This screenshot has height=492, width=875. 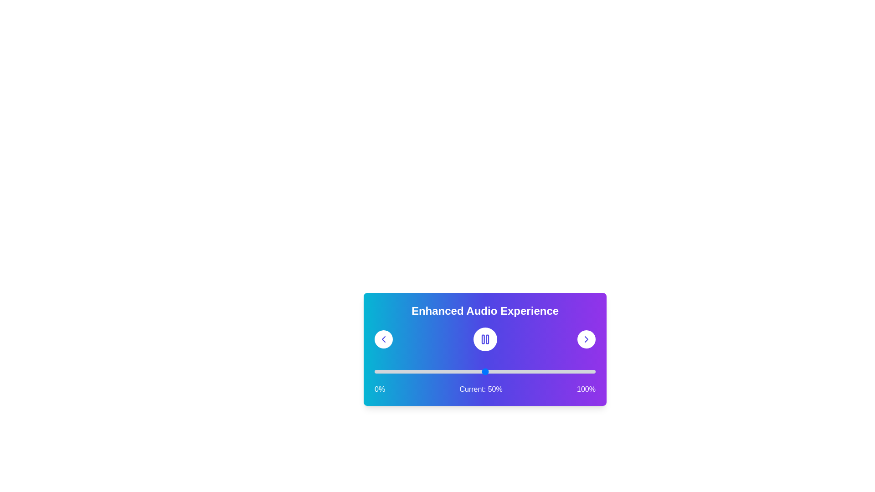 I want to click on the slider to set the audio position to 23%, so click(x=425, y=372).